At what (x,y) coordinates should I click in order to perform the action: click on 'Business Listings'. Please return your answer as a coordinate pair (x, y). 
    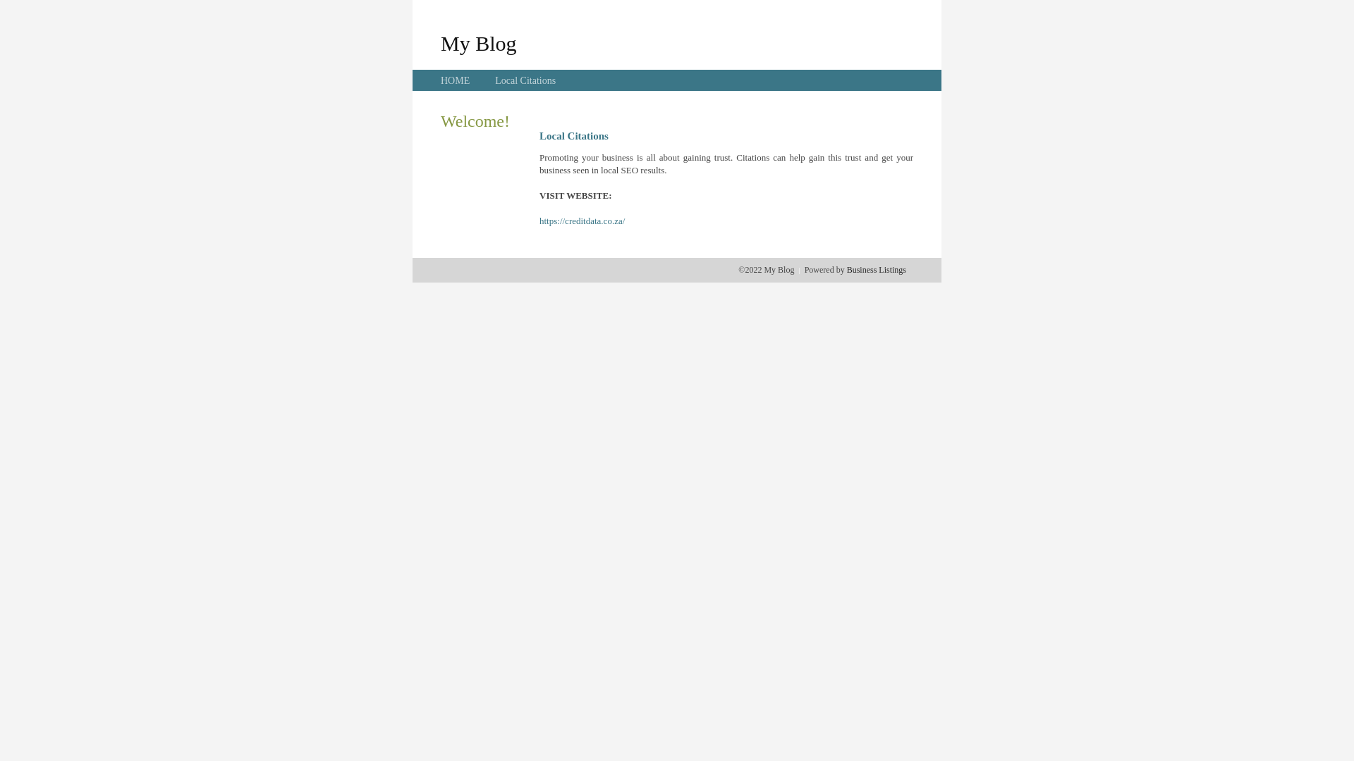
    Looking at the image, I should click on (876, 269).